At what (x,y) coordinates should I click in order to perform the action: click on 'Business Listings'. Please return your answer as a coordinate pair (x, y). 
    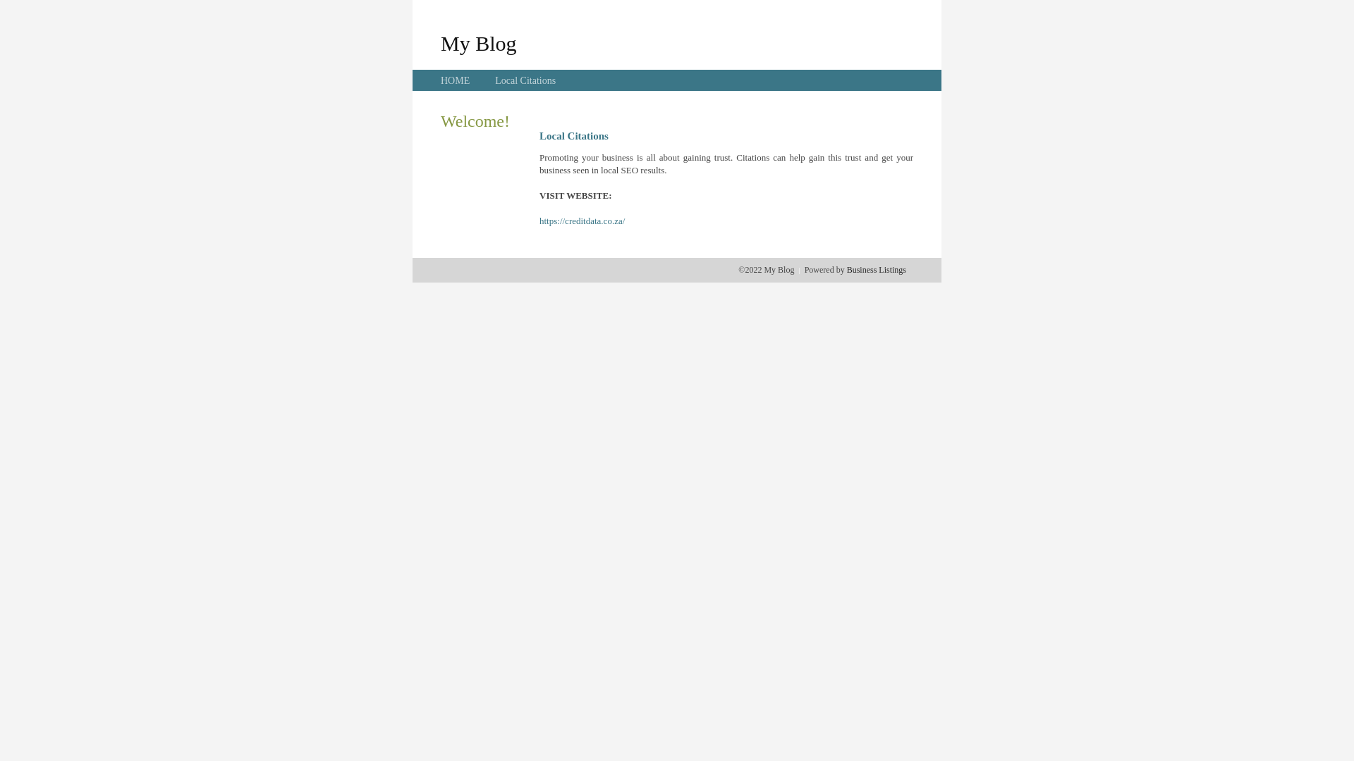
    Looking at the image, I should click on (876, 269).